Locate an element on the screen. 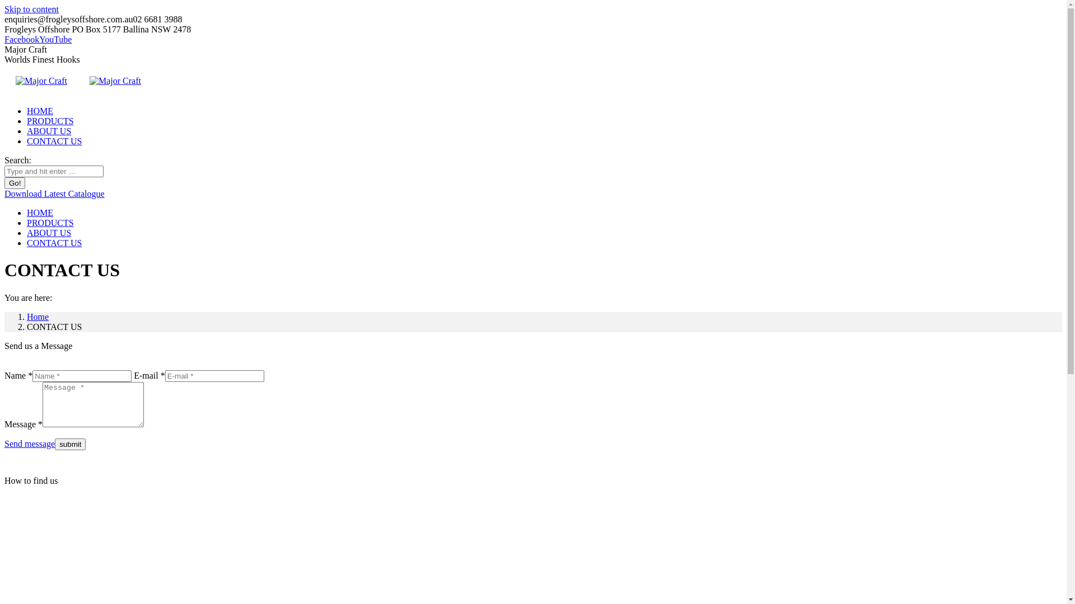  'Go!' is located at coordinates (15, 182).